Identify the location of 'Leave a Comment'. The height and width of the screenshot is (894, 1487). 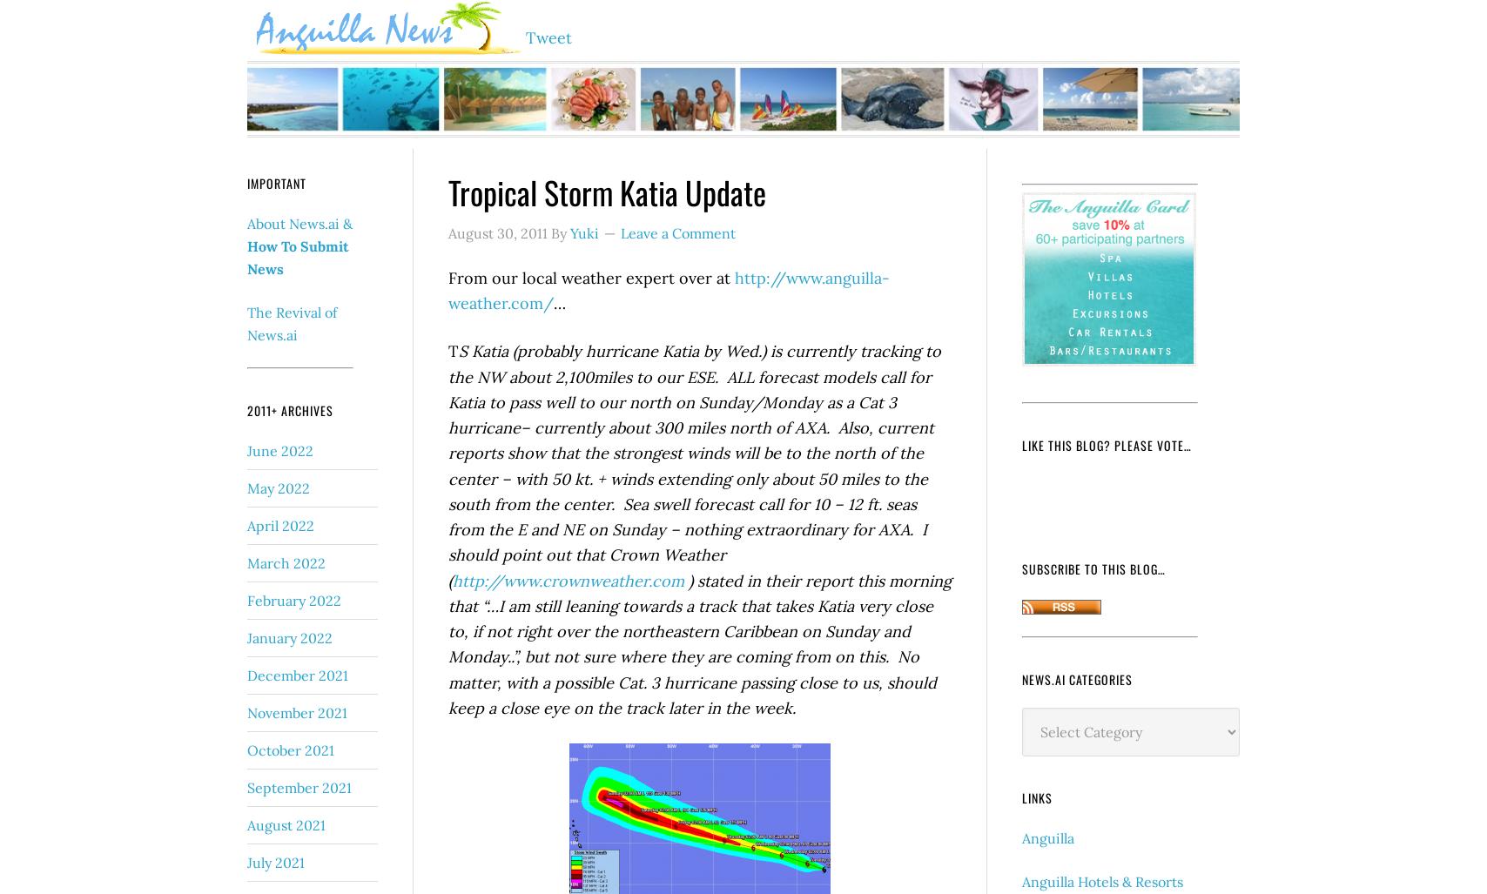
(678, 232).